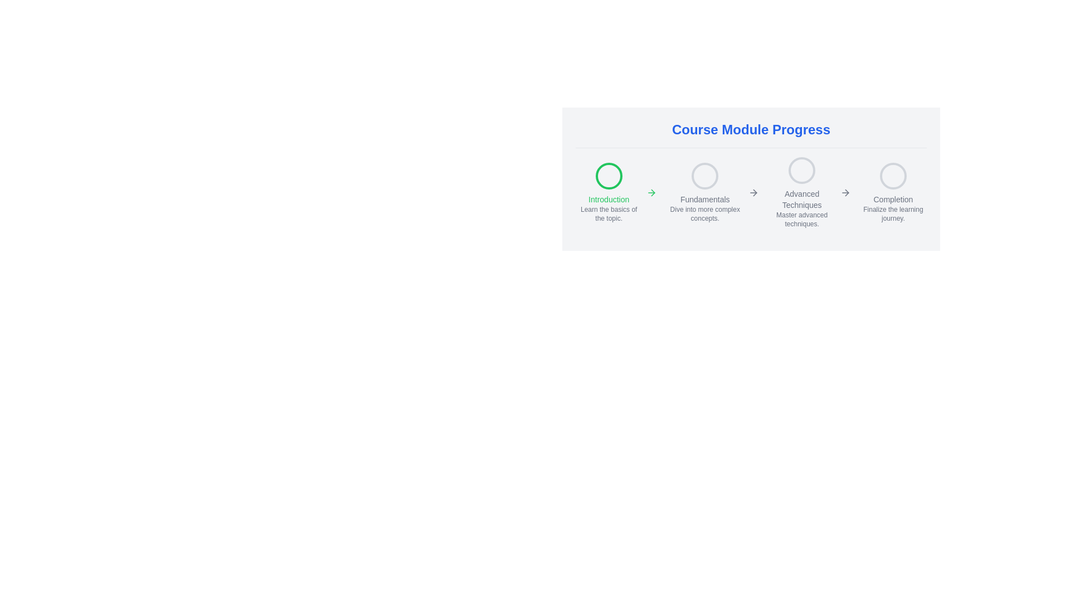 This screenshot has height=602, width=1070. What do you see at coordinates (801, 199) in the screenshot?
I see `the text label 'Advanced Techniques', which is styled in a small font and is positioned under a circle icon in a timeline interface` at bounding box center [801, 199].